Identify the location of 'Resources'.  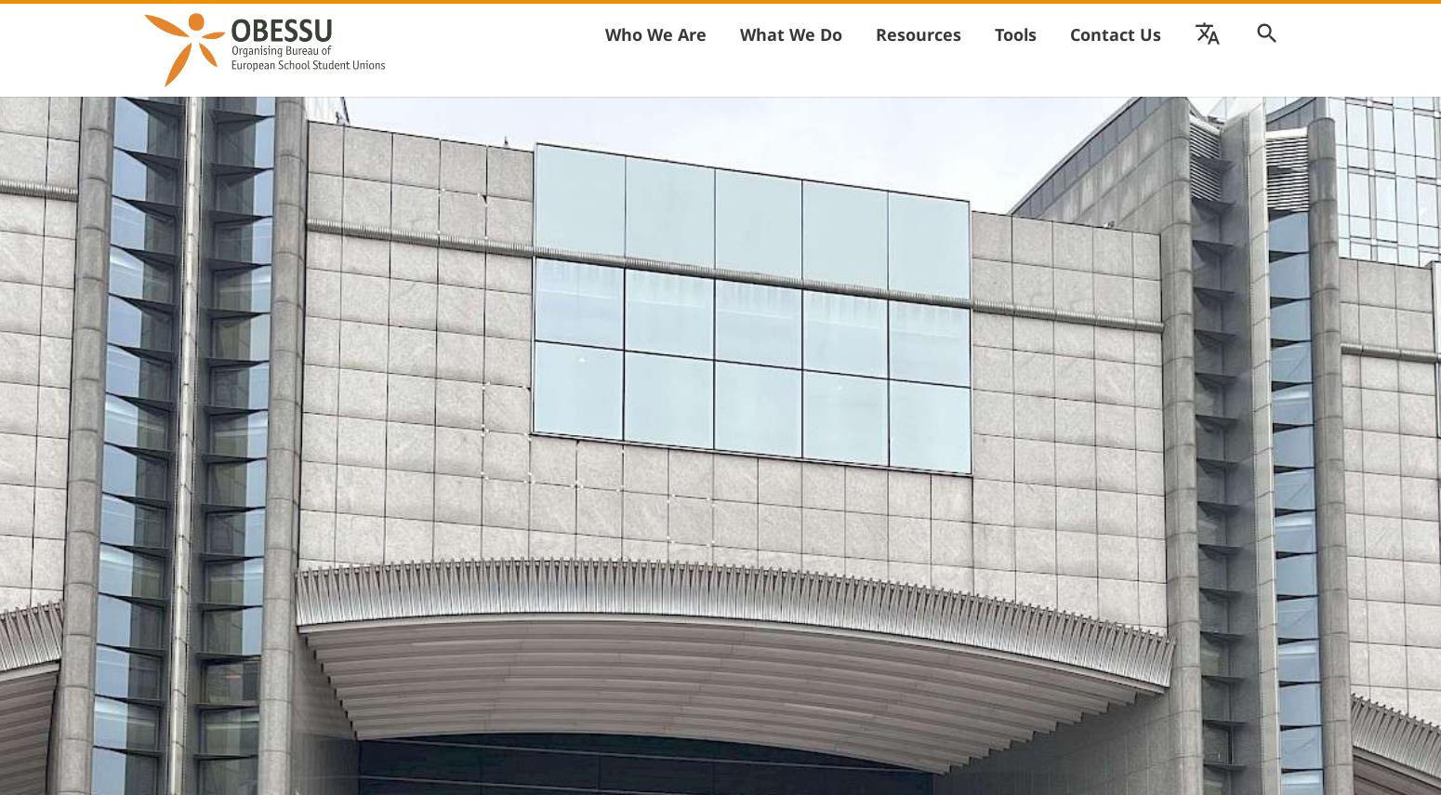
(874, 33).